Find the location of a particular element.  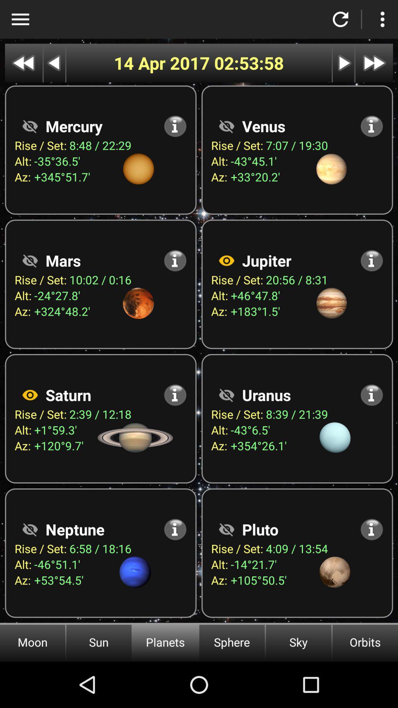

for info on saturn is located at coordinates (175, 395).